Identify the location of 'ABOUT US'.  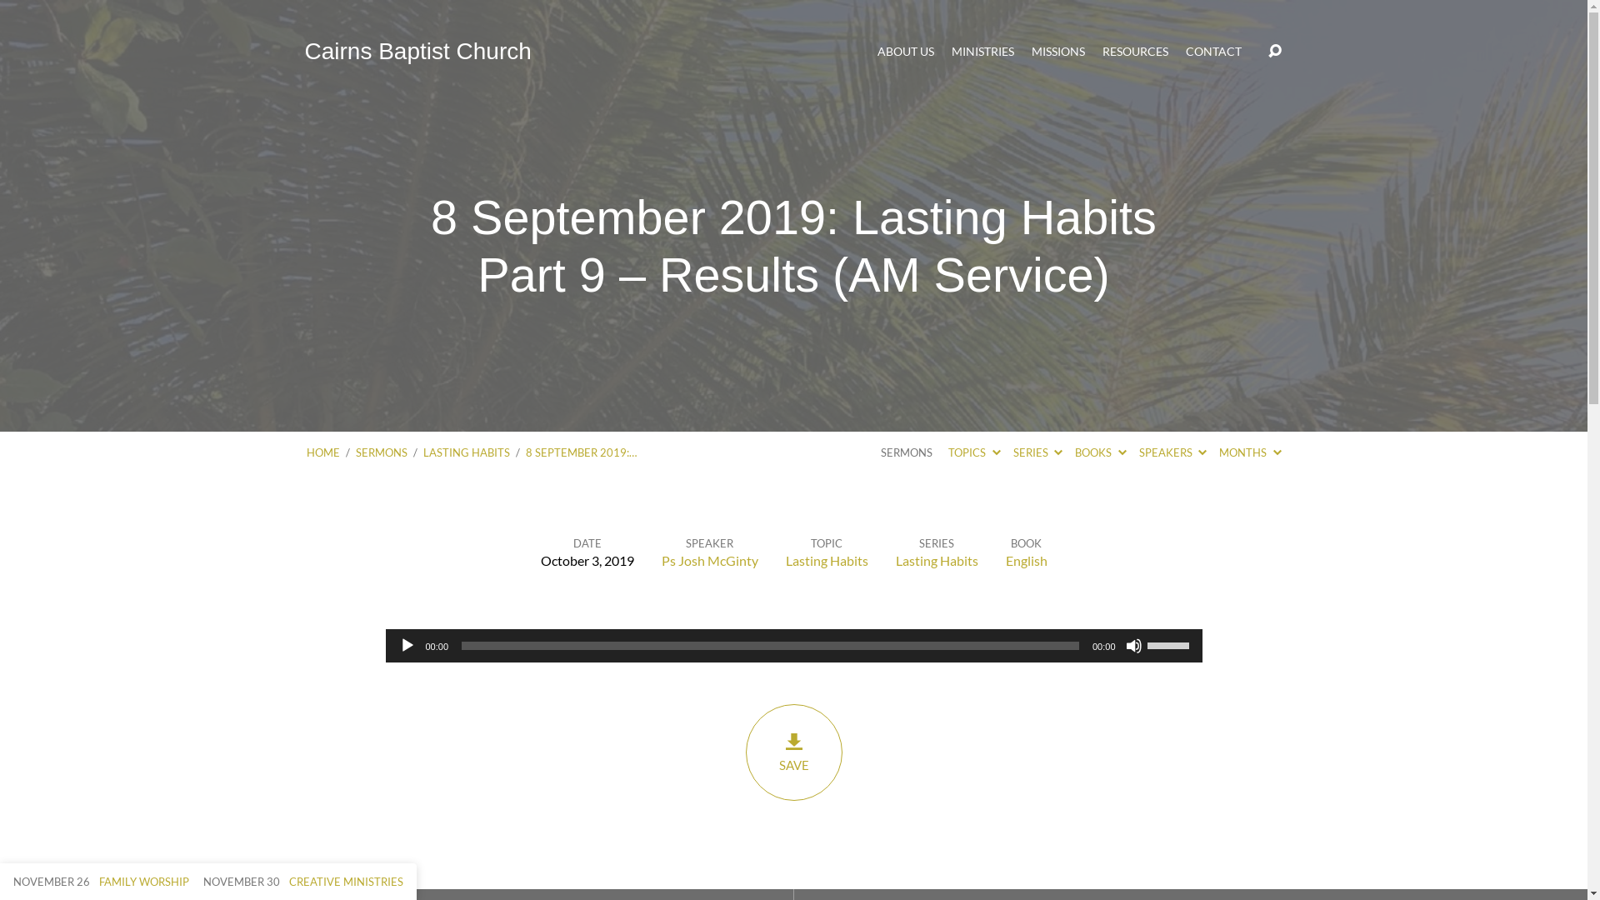
(876, 50).